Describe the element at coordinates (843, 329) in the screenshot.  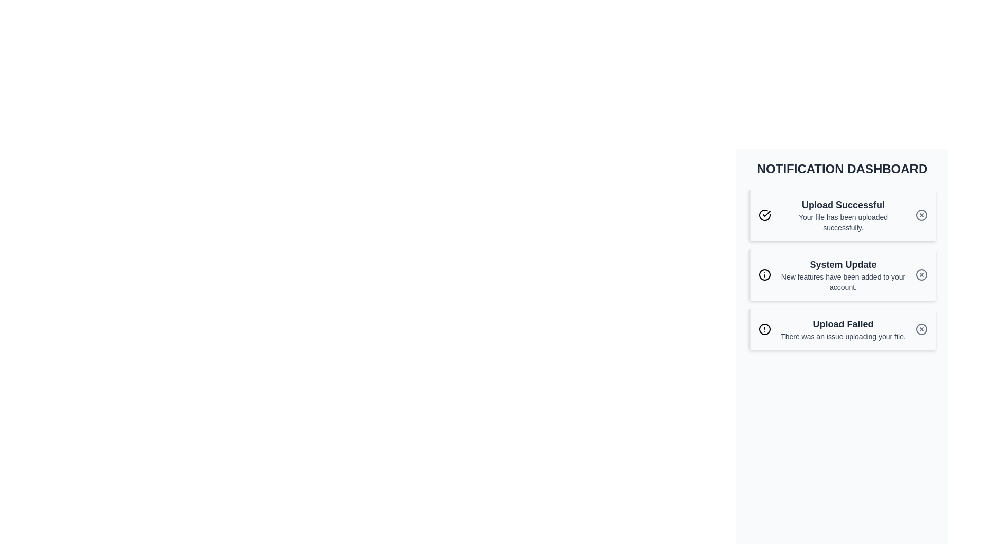
I see `the error displayed in the third notification entry of the notification panel by clicking on the notification message component` at that location.